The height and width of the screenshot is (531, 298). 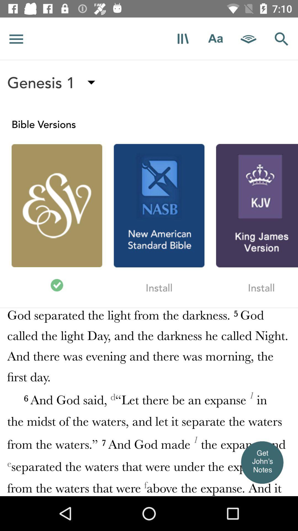 What do you see at coordinates (16, 38) in the screenshot?
I see `menu` at bounding box center [16, 38].